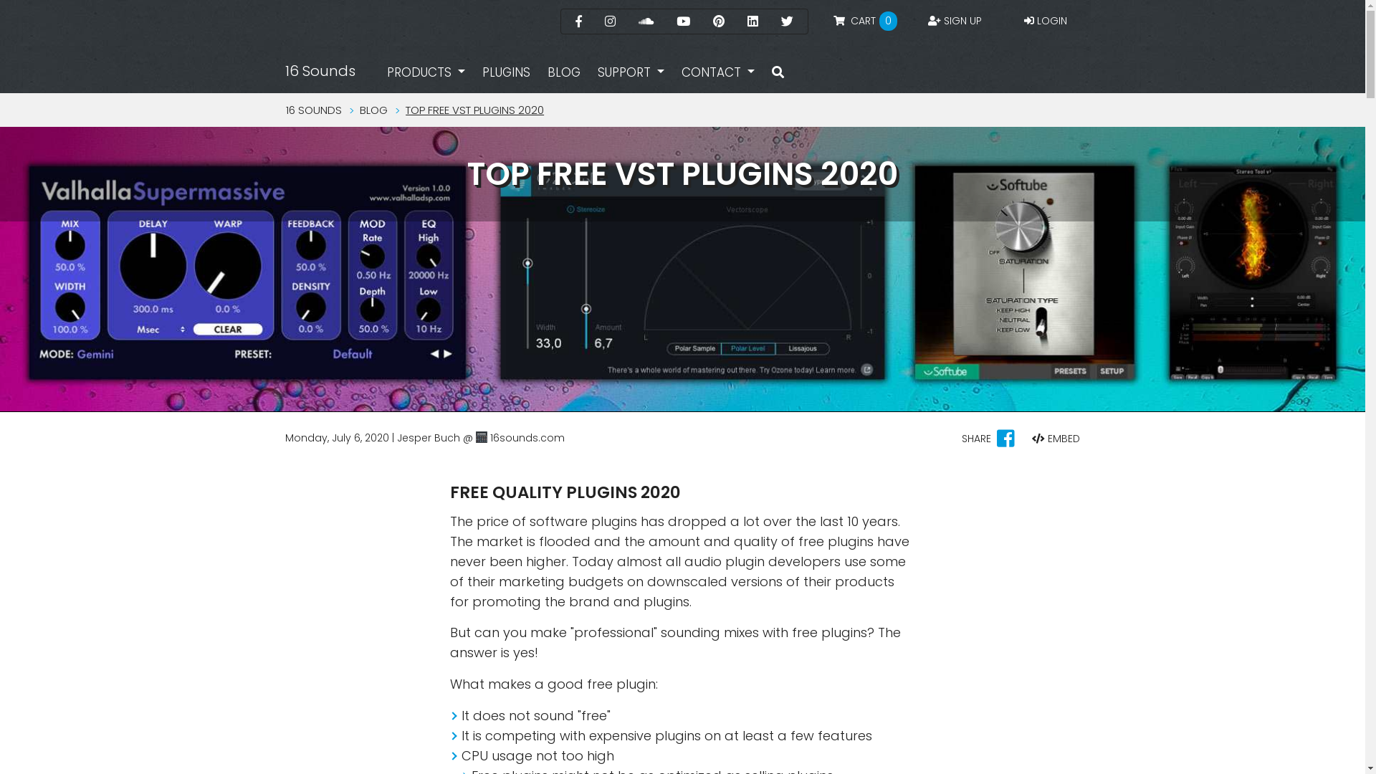 This screenshot has width=1376, height=774. Describe the element at coordinates (1005, 441) in the screenshot. I see `'Share on facebook'` at that location.